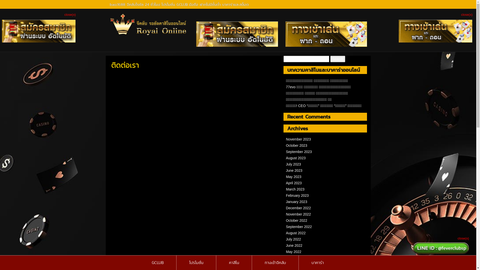 This screenshot has height=270, width=480. I want to click on 'April 2023', so click(294, 183).